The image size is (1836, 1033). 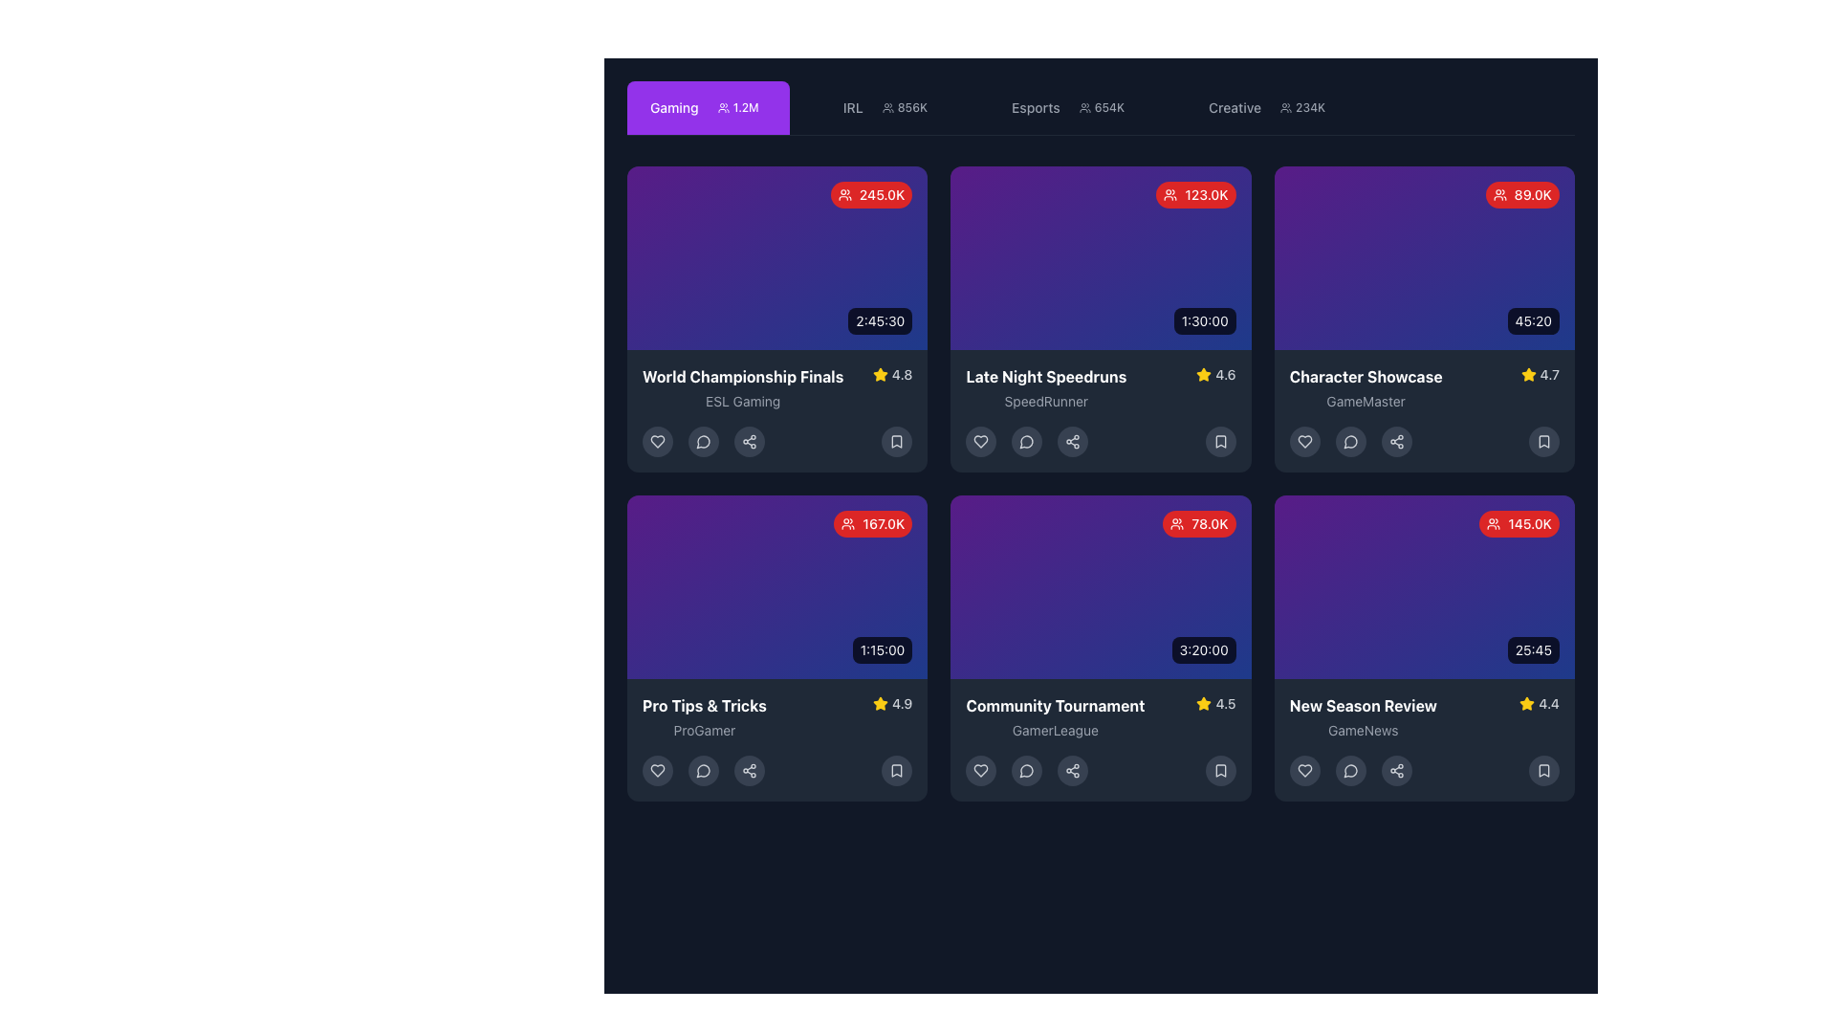 What do you see at coordinates (702, 770) in the screenshot?
I see `the circular message bubble icon located at the bottom left of the 'Pro Tips & Tricks' card` at bounding box center [702, 770].